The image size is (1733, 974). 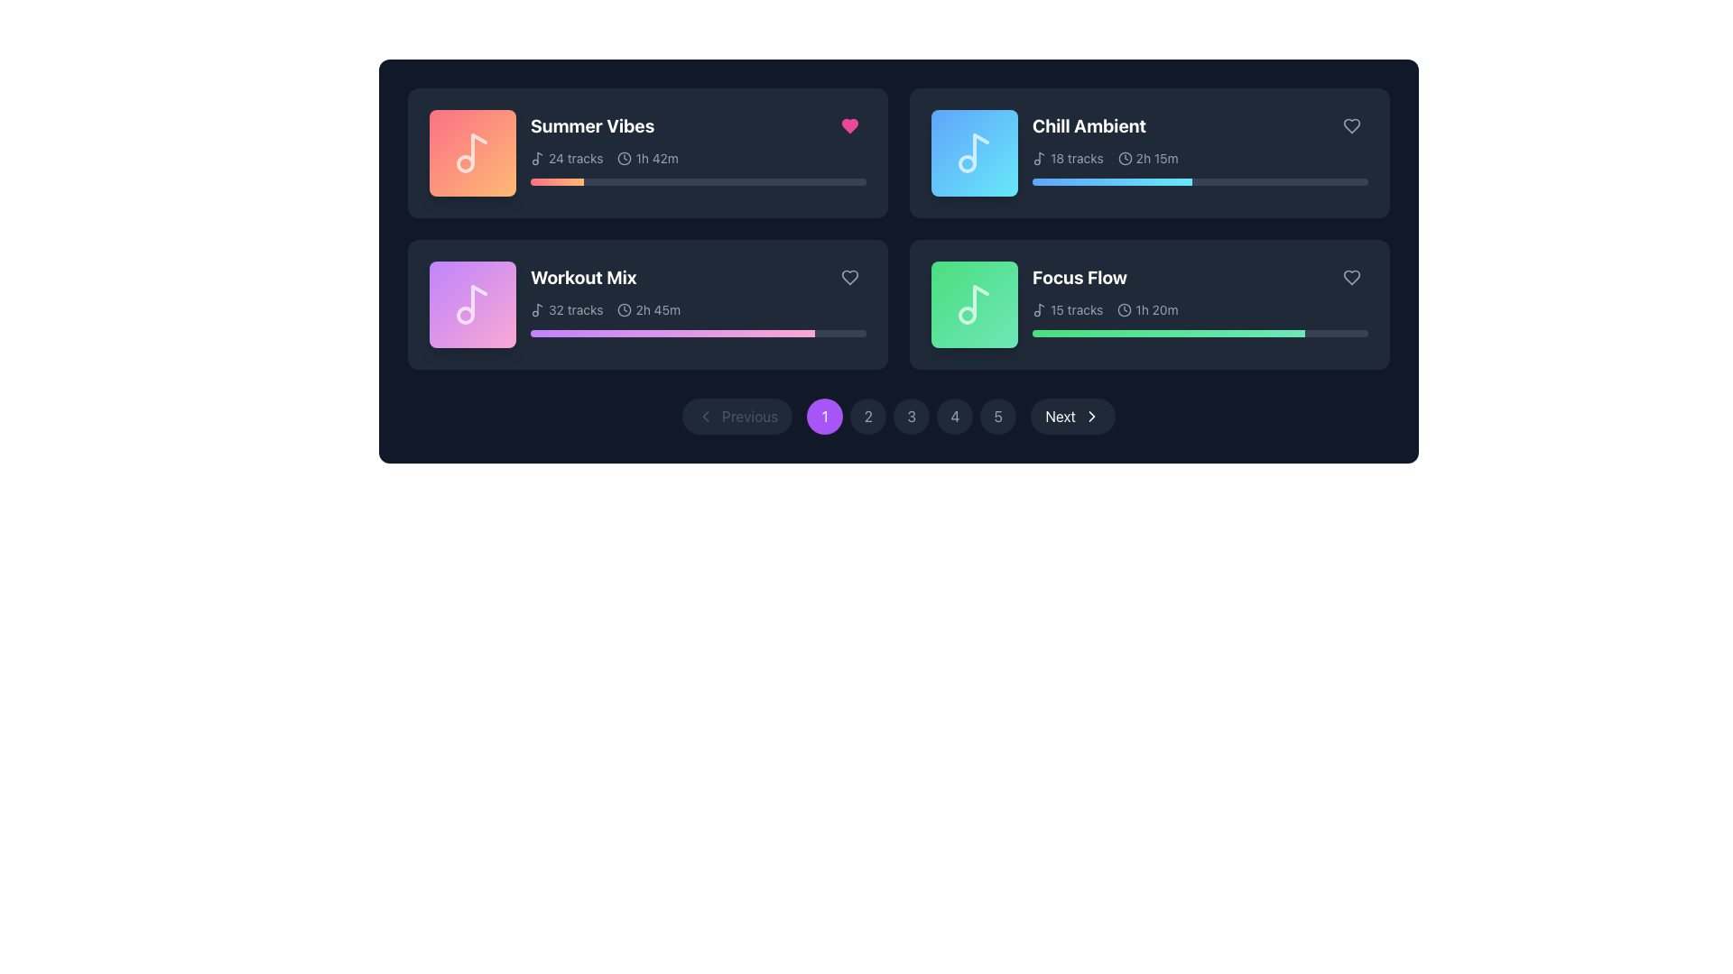 I want to click on progress, so click(x=769, y=334).